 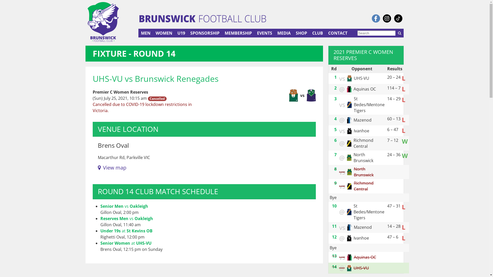 What do you see at coordinates (349, 172) in the screenshot?
I see `'North Brunswick'` at bounding box center [349, 172].